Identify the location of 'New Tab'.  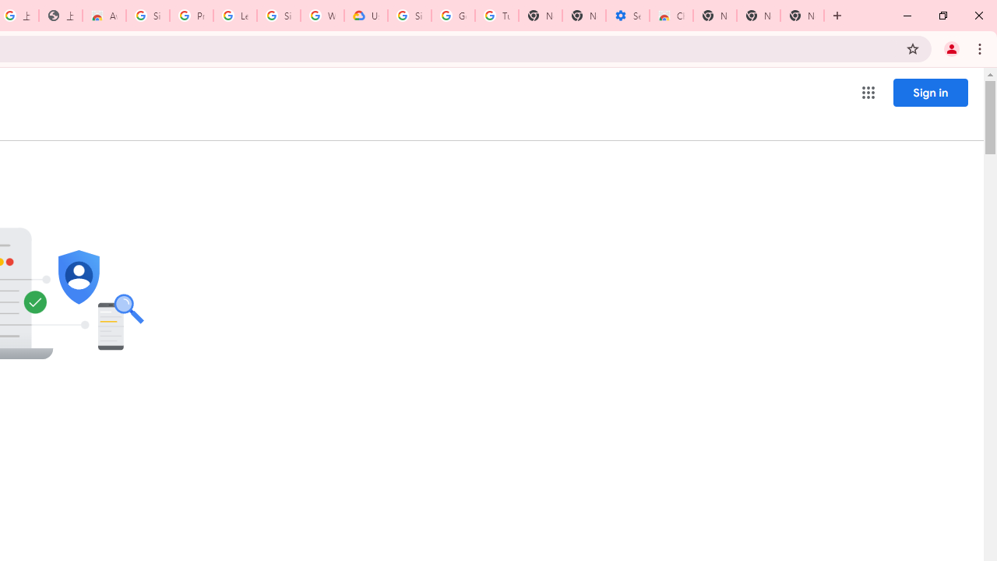
(802, 16).